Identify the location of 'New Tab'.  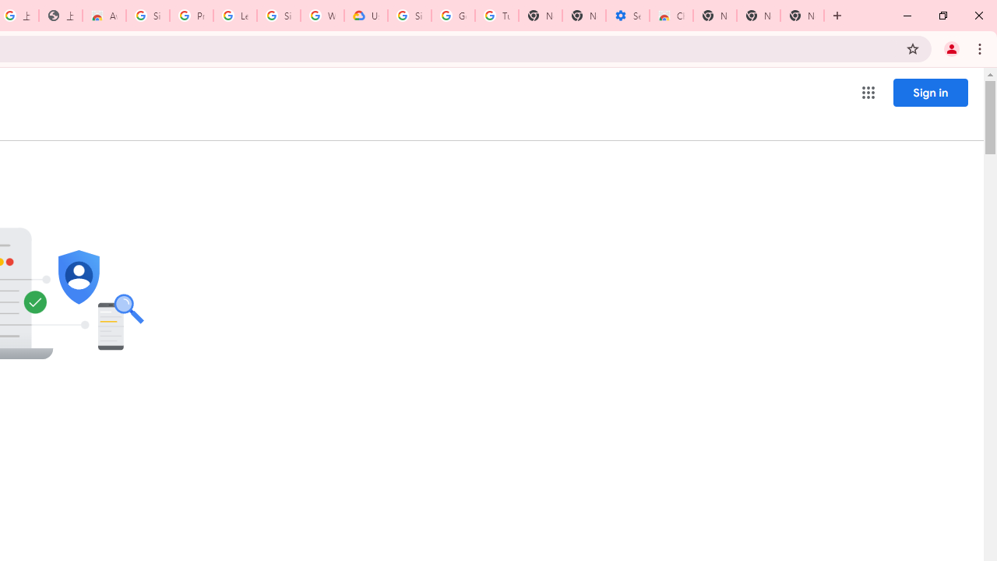
(802, 16).